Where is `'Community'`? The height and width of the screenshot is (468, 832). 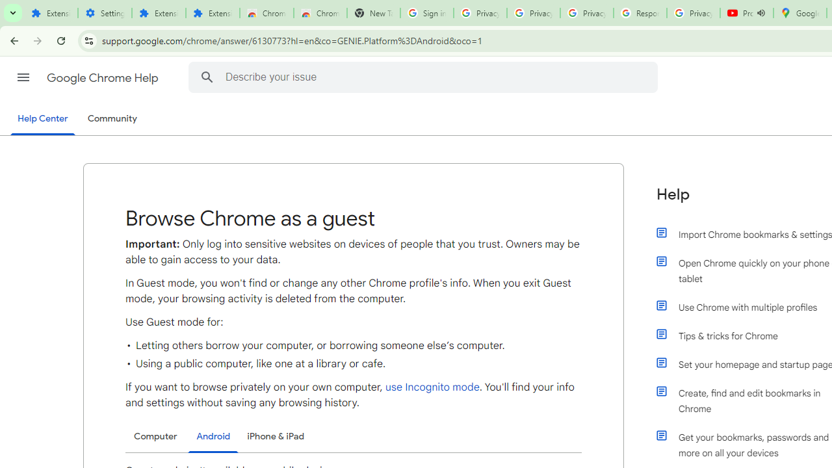
'Community' is located at coordinates (112, 119).